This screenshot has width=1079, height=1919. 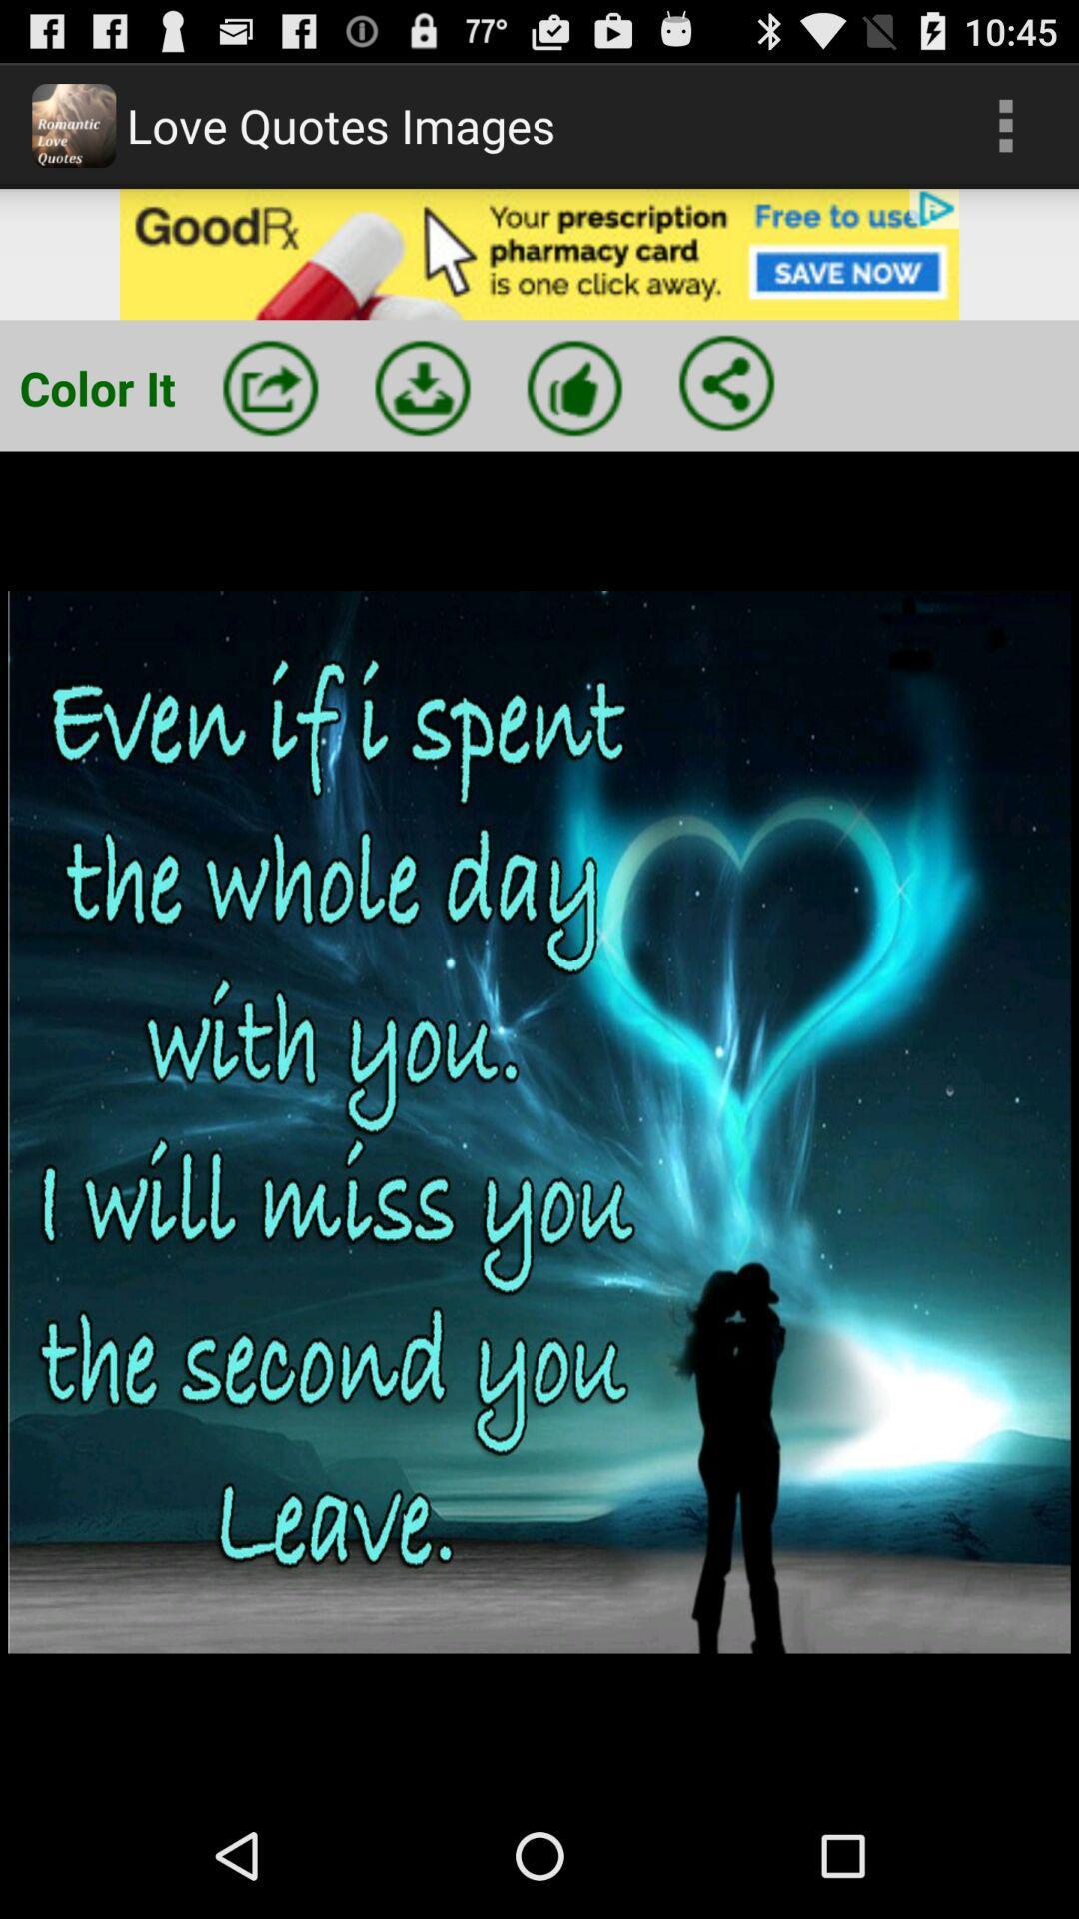 What do you see at coordinates (270, 414) in the screenshot?
I see `the launch icon` at bounding box center [270, 414].